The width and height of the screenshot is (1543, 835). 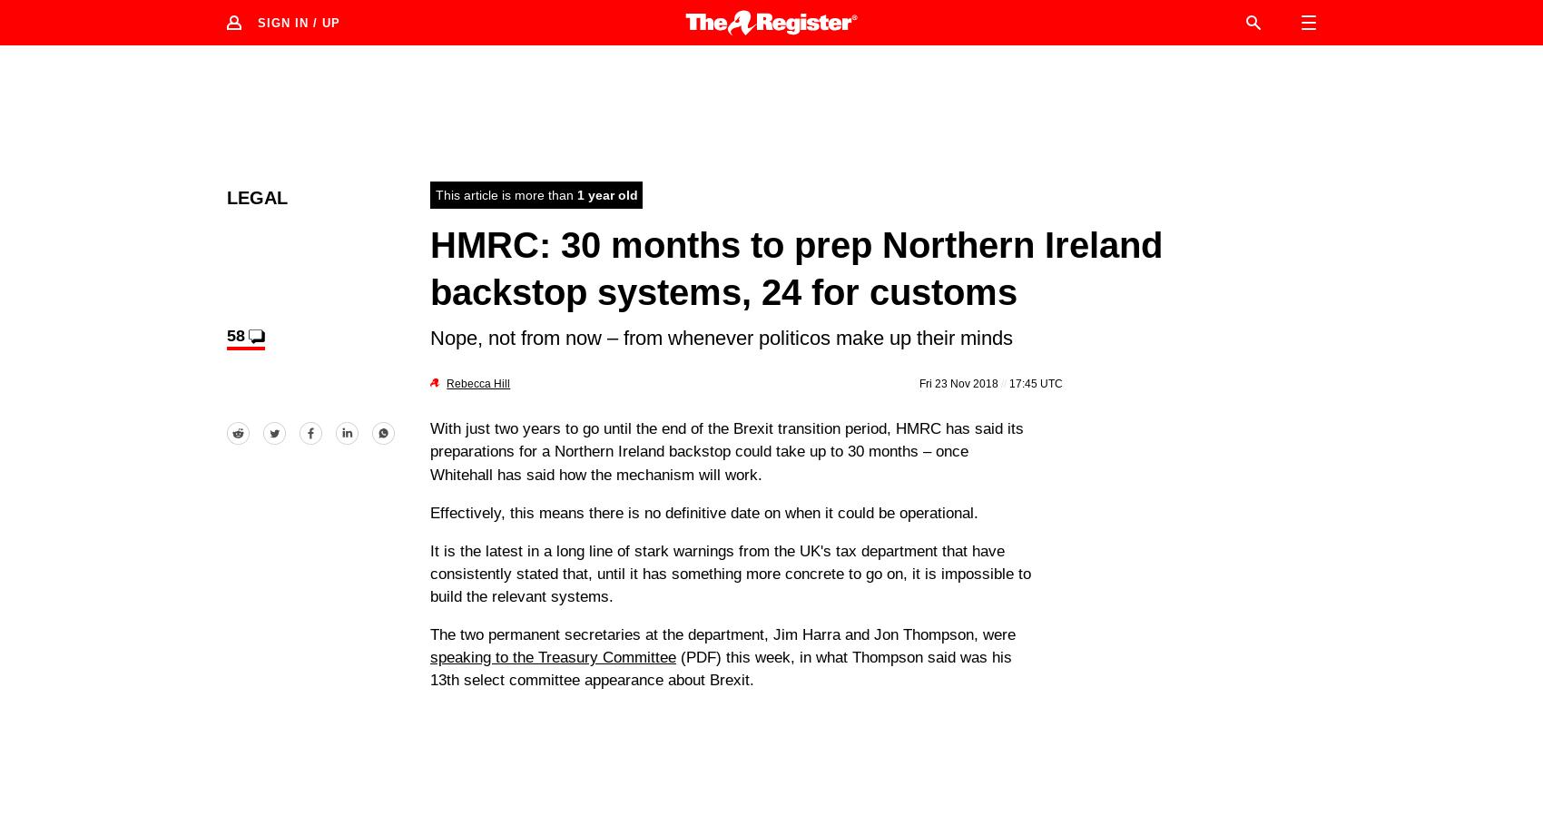 What do you see at coordinates (429, 572) in the screenshot?
I see `'It is the latest in a long line of stark warnings from the UK's tax department that have consistently stated that, until it has something more concrete to go on, it is impossible to build the relevant systems.'` at bounding box center [429, 572].